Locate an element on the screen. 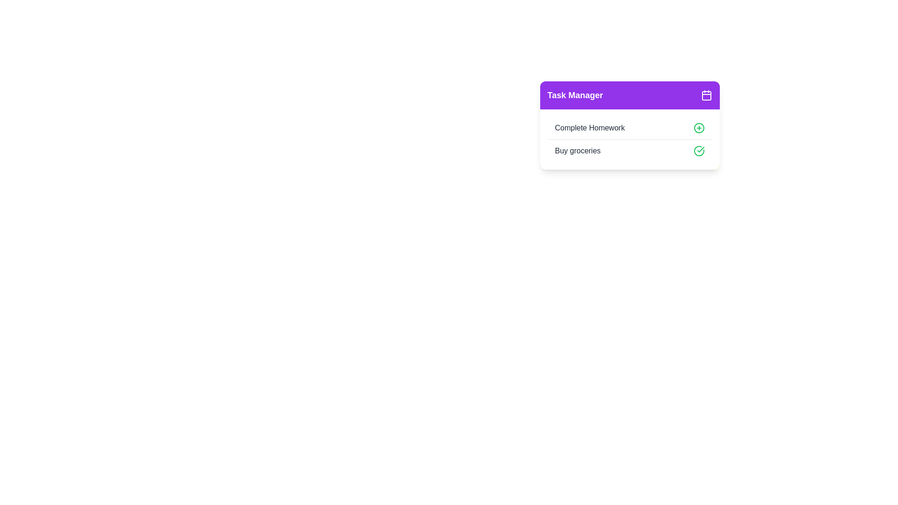  the Icon Button associated with the 'Complete Homework' task in the Task Manager is located at coordinates (699, 128).